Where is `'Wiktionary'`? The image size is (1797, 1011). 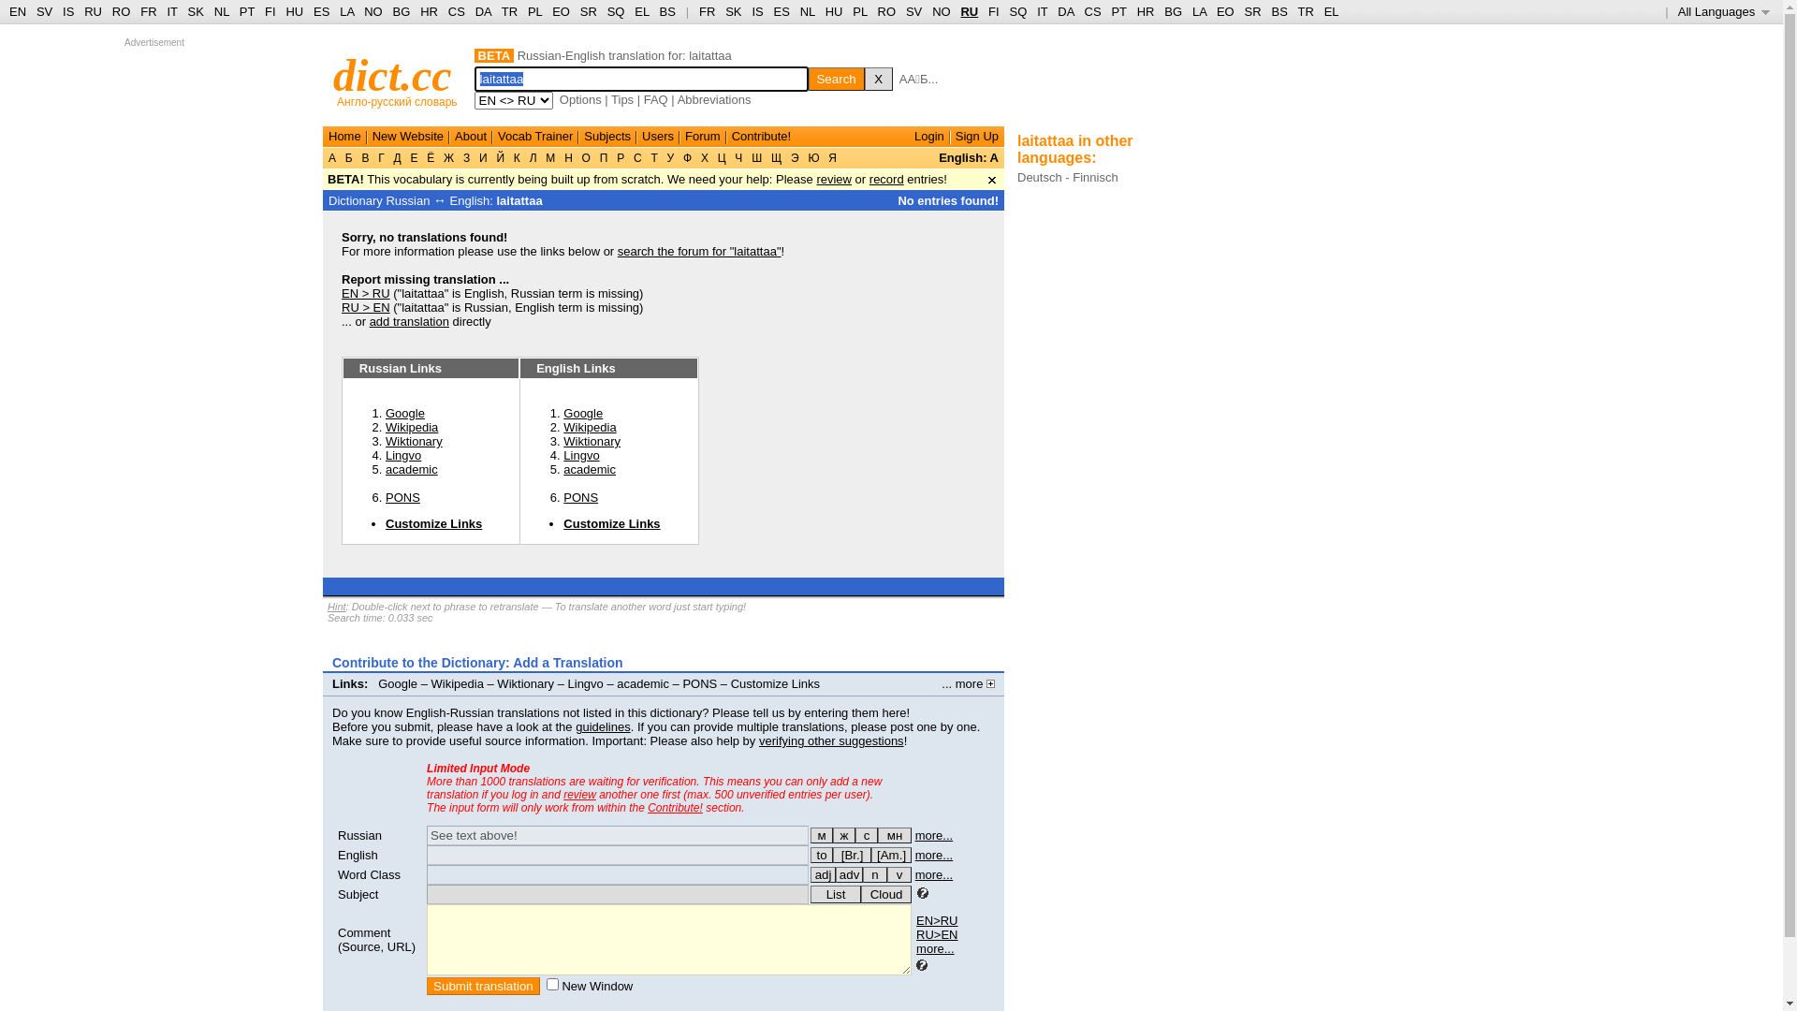 'Wiktionary' is located at coordinates (591, 441).